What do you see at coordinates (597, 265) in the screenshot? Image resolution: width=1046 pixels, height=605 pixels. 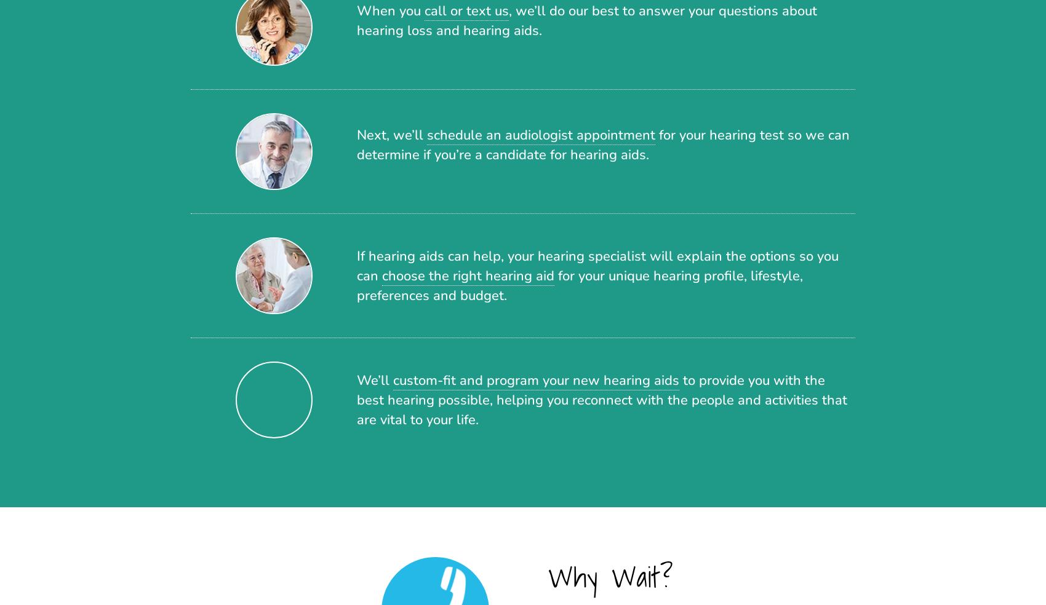 I see `'If hearing aids can help, your hearing specialist will explain the options so you can'` at bounding box center [597, 265].